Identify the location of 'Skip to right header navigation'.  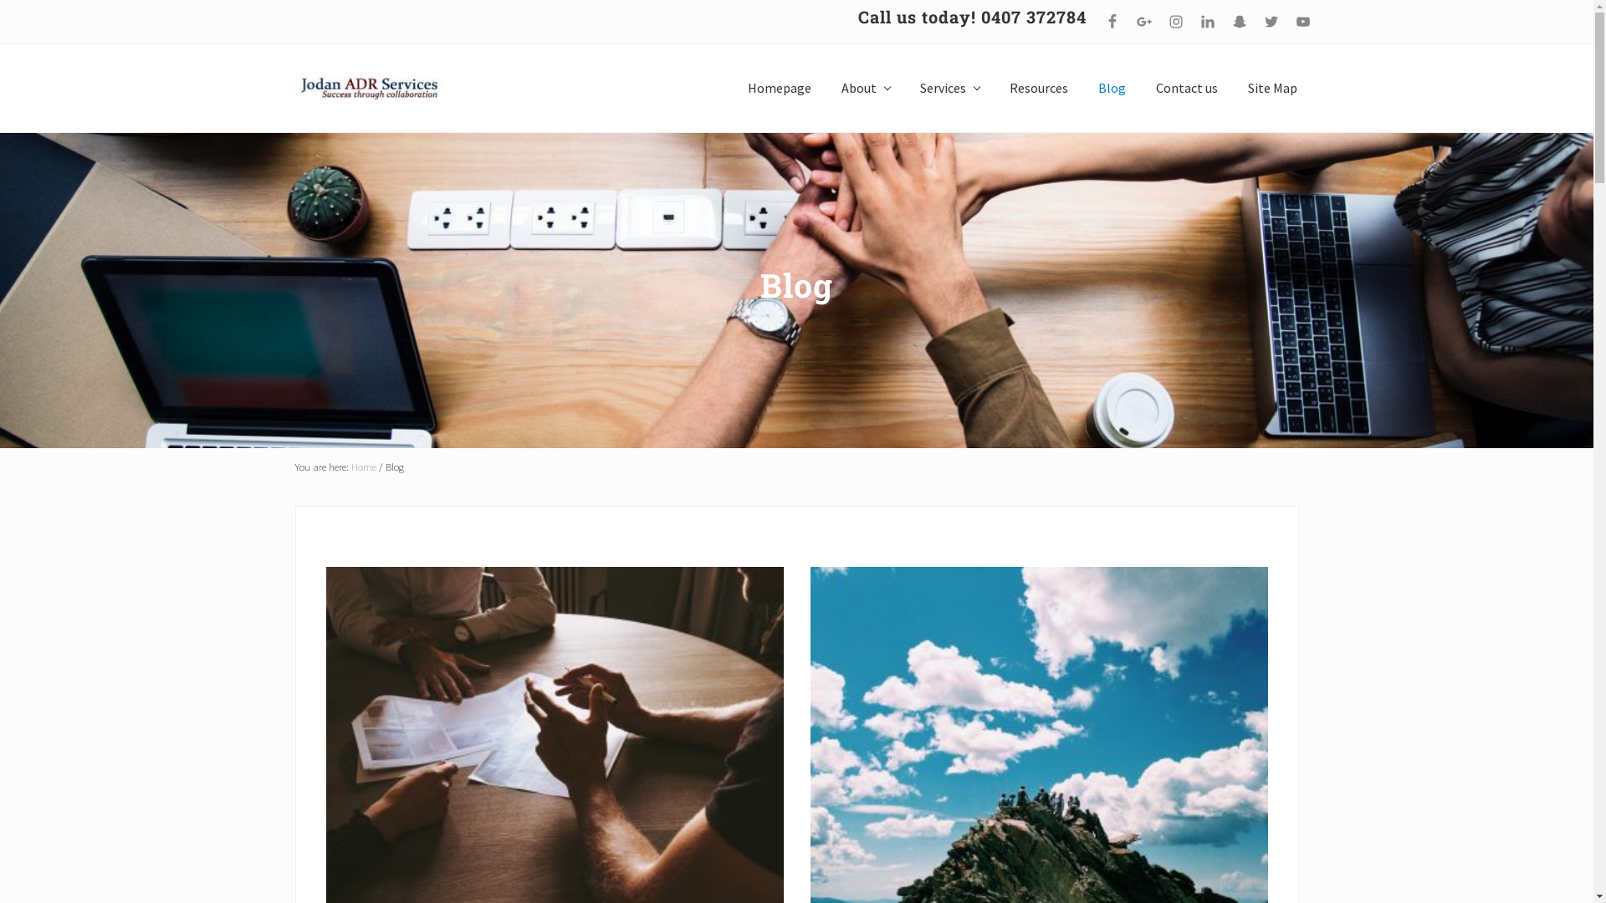
(0, 0).